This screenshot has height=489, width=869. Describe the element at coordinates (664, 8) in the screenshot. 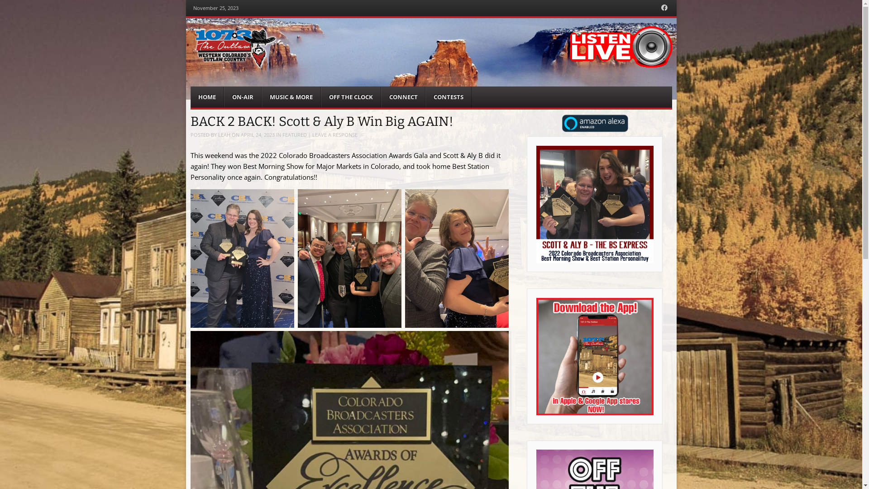

I see `'Facebook'` at that location.